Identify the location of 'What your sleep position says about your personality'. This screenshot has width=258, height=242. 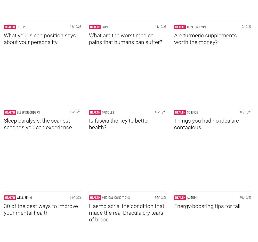
(40, 38).